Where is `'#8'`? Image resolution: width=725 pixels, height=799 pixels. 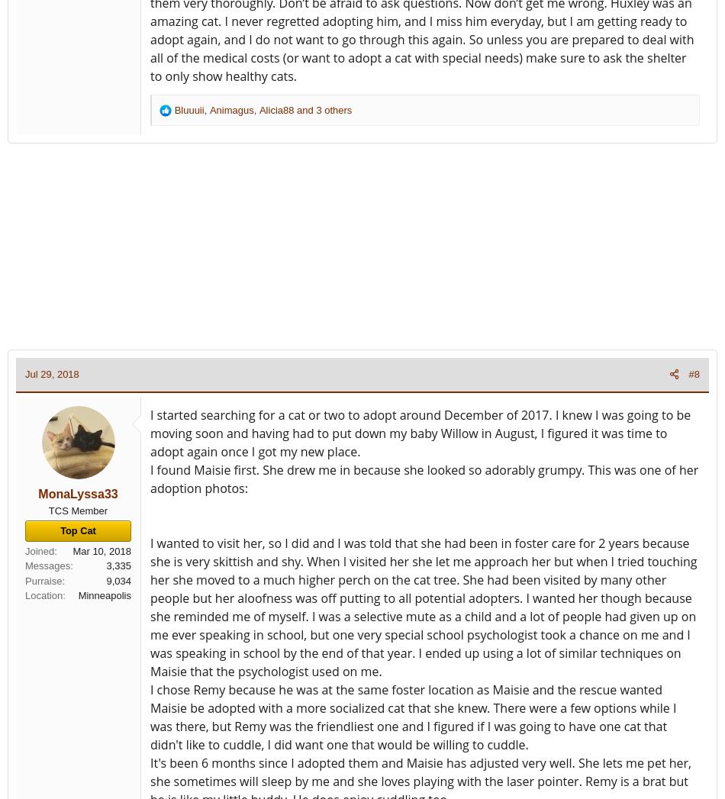
'#8' is located at coordinates (693, 373).